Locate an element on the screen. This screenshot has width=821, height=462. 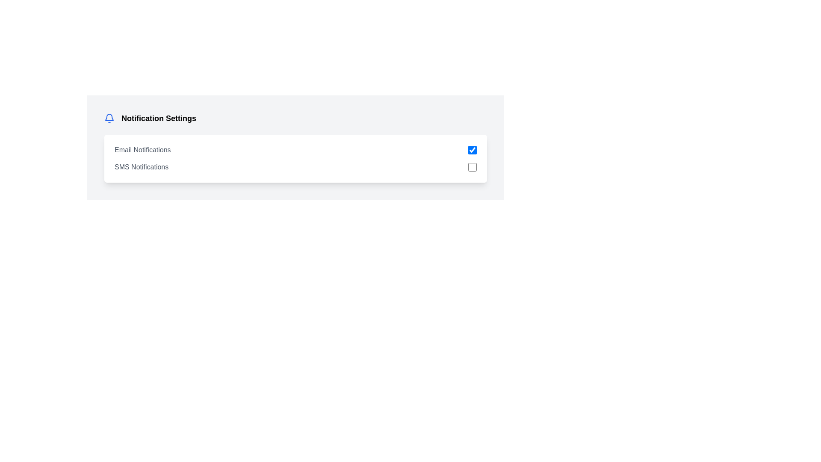
the blue bell icon indicating notifications, which is visually aligned to the left of the 'Notification Settings' text is located at coordinates (109, 118).